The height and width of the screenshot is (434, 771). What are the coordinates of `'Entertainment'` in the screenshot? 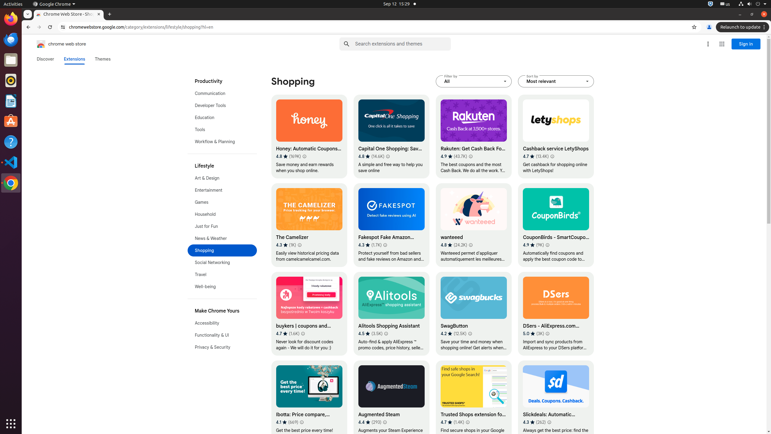 It's located at (222, 190).